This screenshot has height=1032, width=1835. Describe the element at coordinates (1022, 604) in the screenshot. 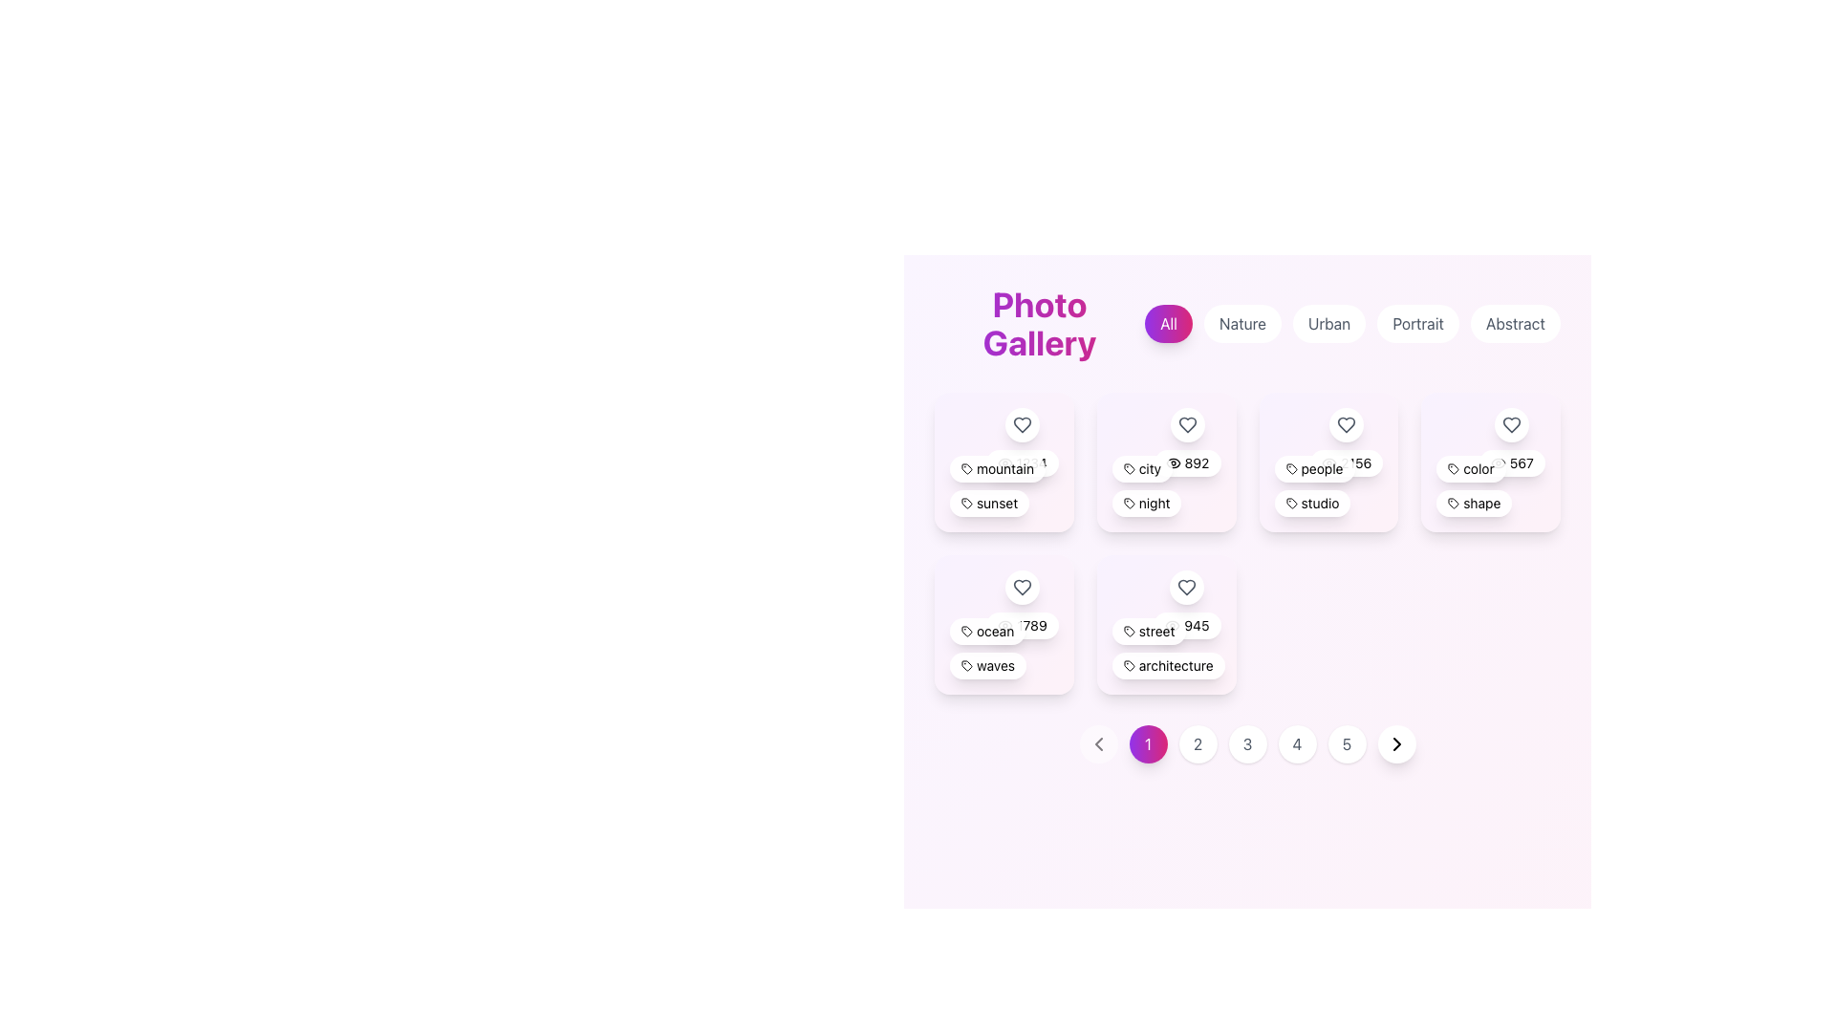

I see `the heart icon button, which is outlined in gray and enclosed within a white circle` at that location.